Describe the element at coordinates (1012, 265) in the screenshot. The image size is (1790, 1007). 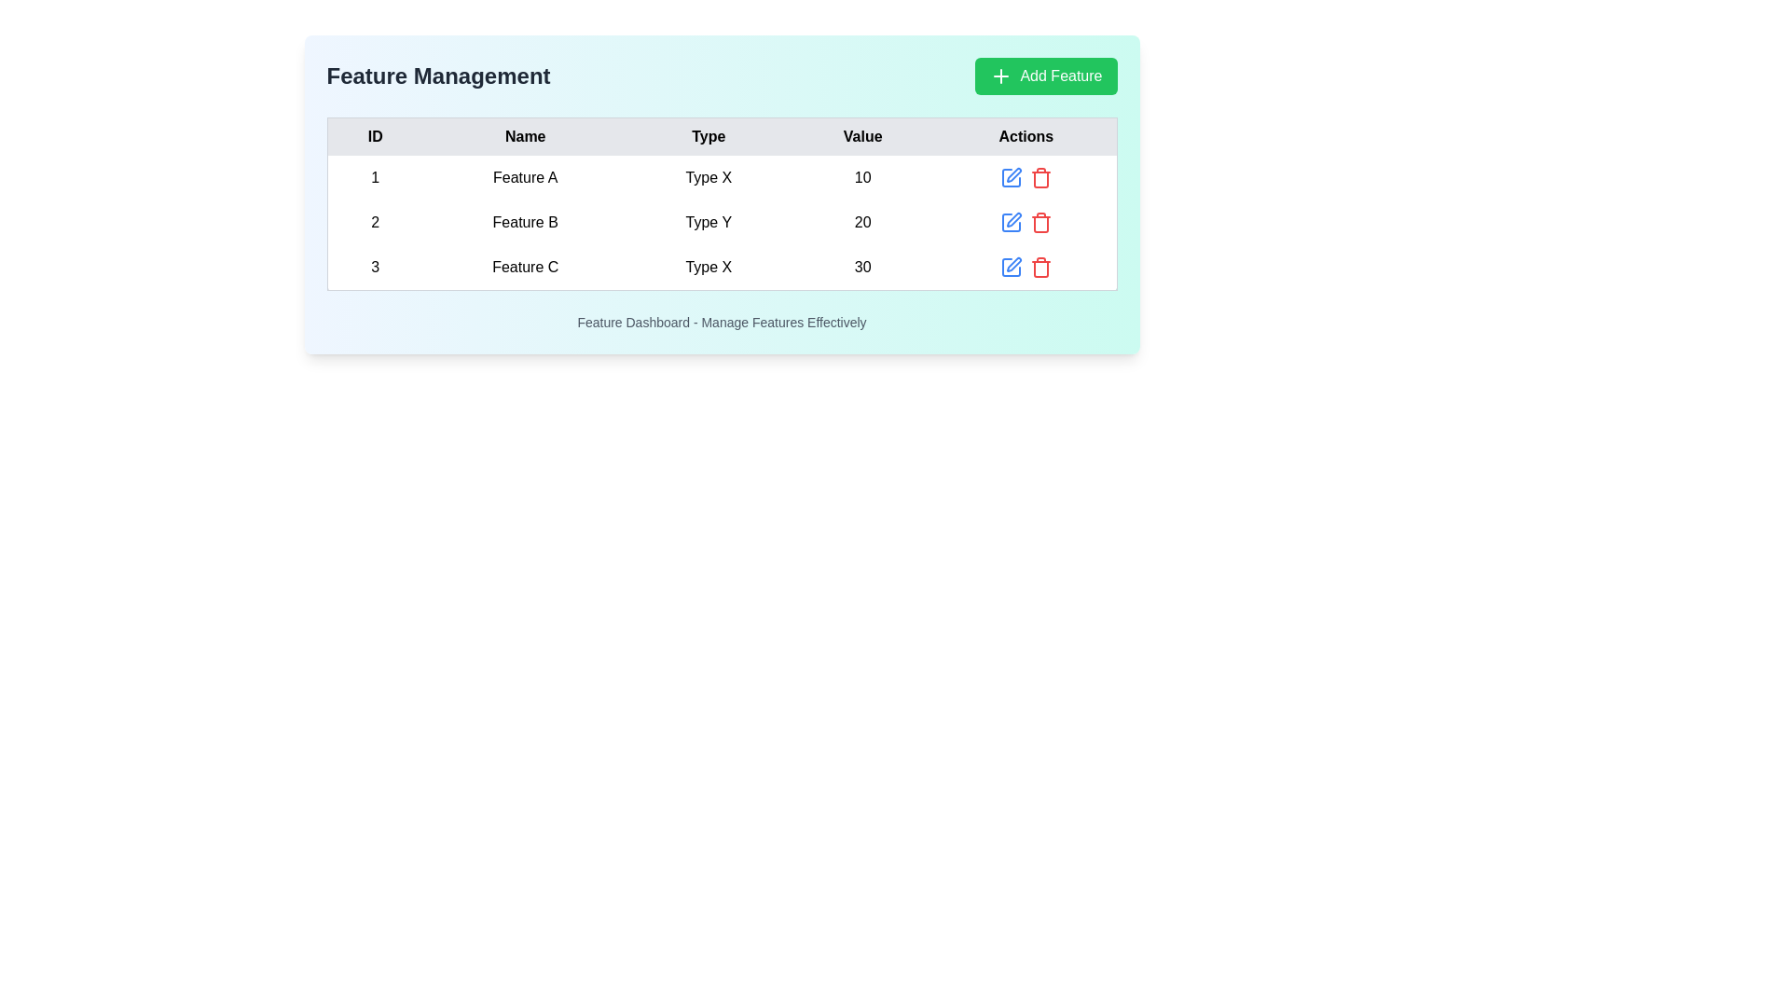
I see `the Icon button for editing the data in the last row of the table associated with Feature C, located in the 'Actions' column as the leftmost icon` at that location.